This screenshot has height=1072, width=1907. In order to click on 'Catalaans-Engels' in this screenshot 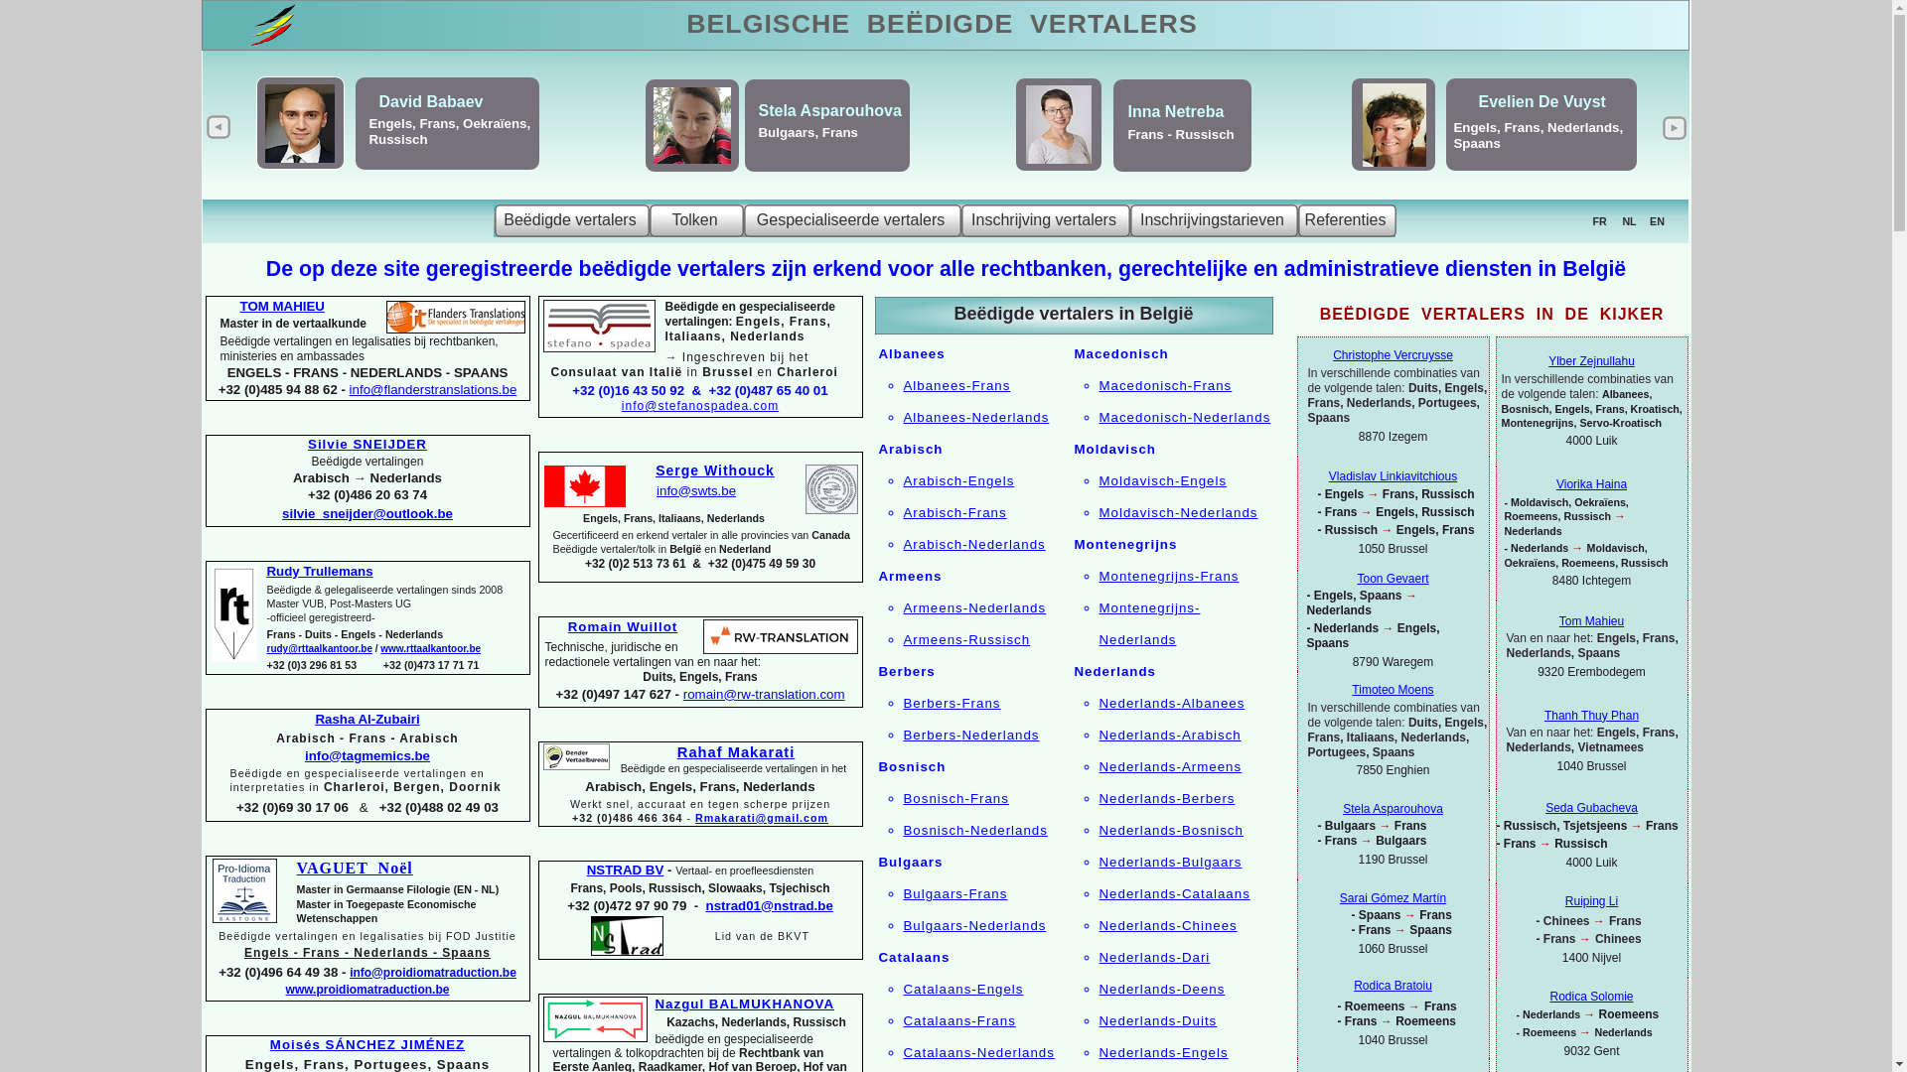, I will do `click(963, 989)`.